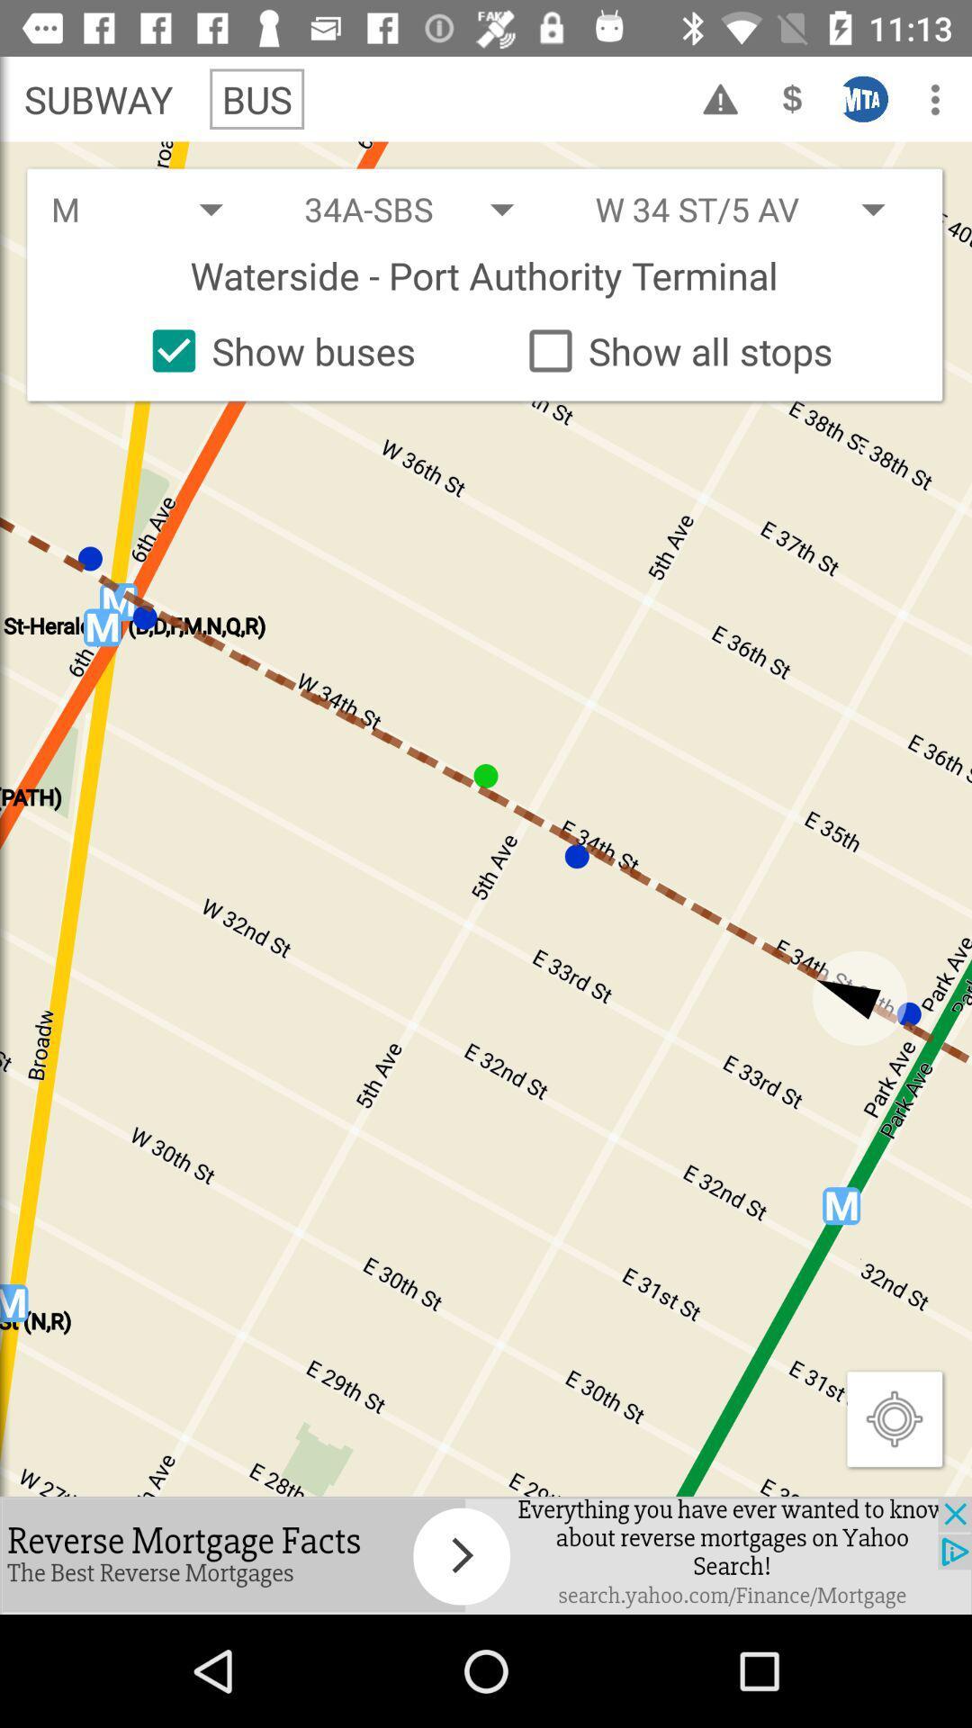  I want to click on bus, so click(256, 98).